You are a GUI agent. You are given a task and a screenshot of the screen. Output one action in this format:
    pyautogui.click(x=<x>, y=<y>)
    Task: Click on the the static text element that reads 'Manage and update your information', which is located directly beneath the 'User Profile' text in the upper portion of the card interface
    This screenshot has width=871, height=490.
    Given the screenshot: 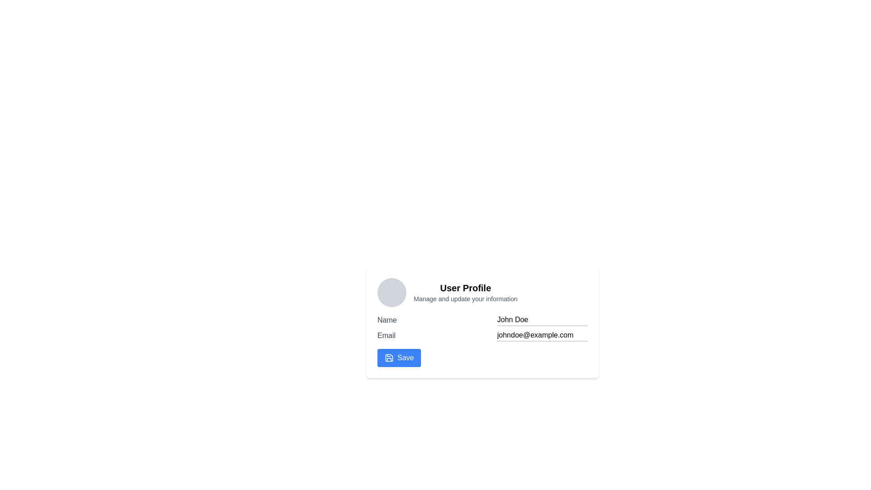 What is the action you would take?
    pyautogui.click(x=465, y=299)
    